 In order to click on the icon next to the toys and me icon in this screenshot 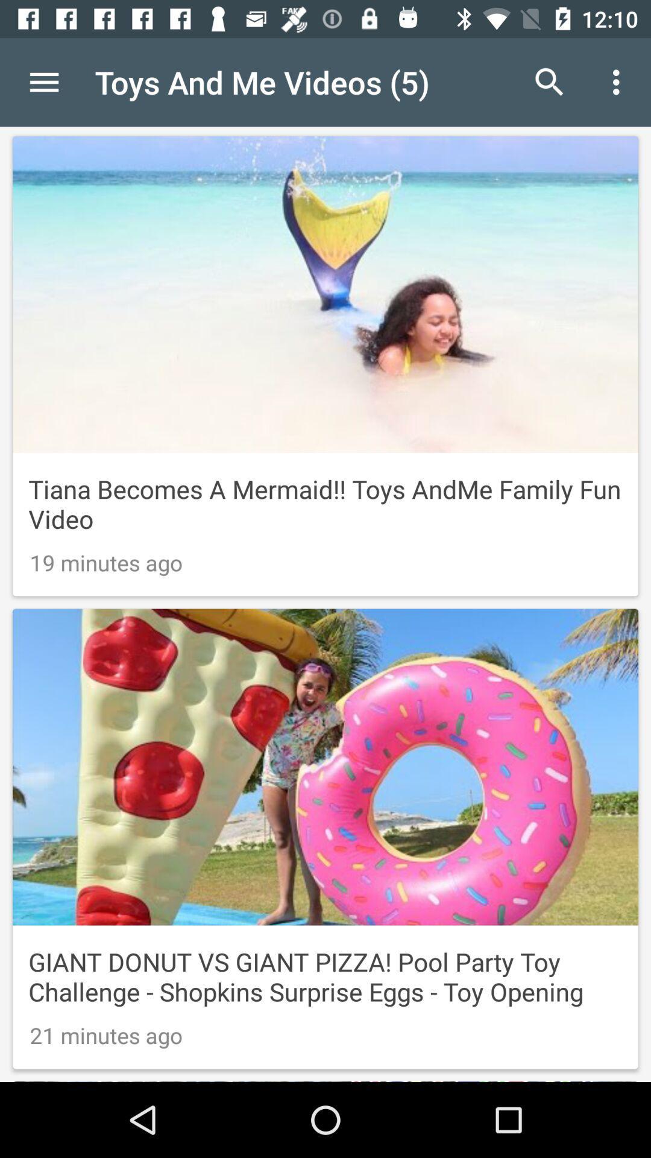, I will do `click(43, 81)`.